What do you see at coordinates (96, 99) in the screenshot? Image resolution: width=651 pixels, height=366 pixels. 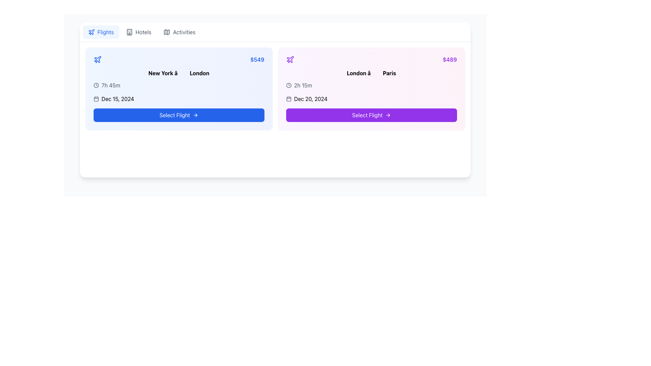 I see `the calendar icon located in the left card of the interface, which indicates the date 'Dec 15, 2024'` at bounding box center [96, 99].